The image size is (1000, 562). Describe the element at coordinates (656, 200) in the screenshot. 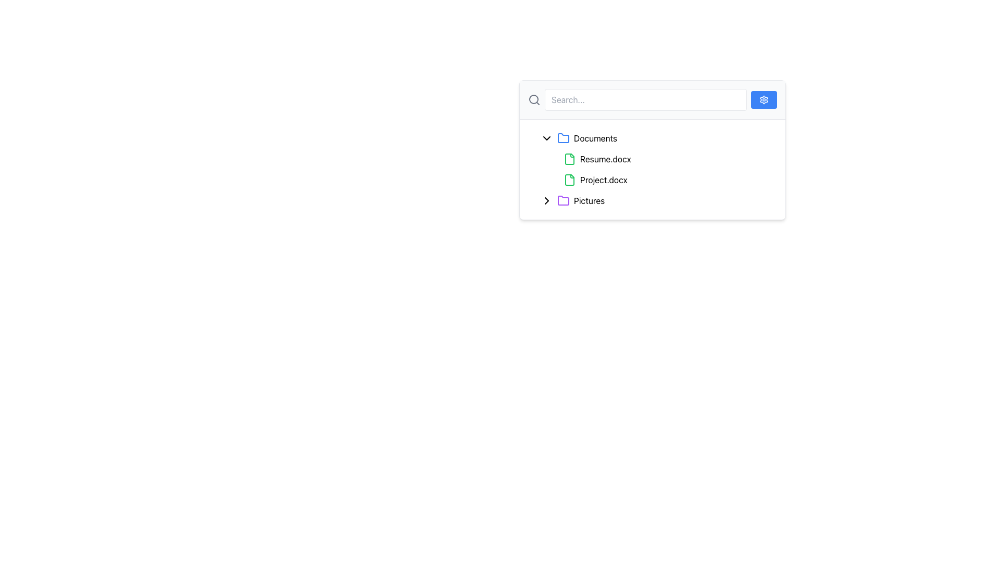

I see `the 'Pictures' folder entry in the file directory list` at that location.